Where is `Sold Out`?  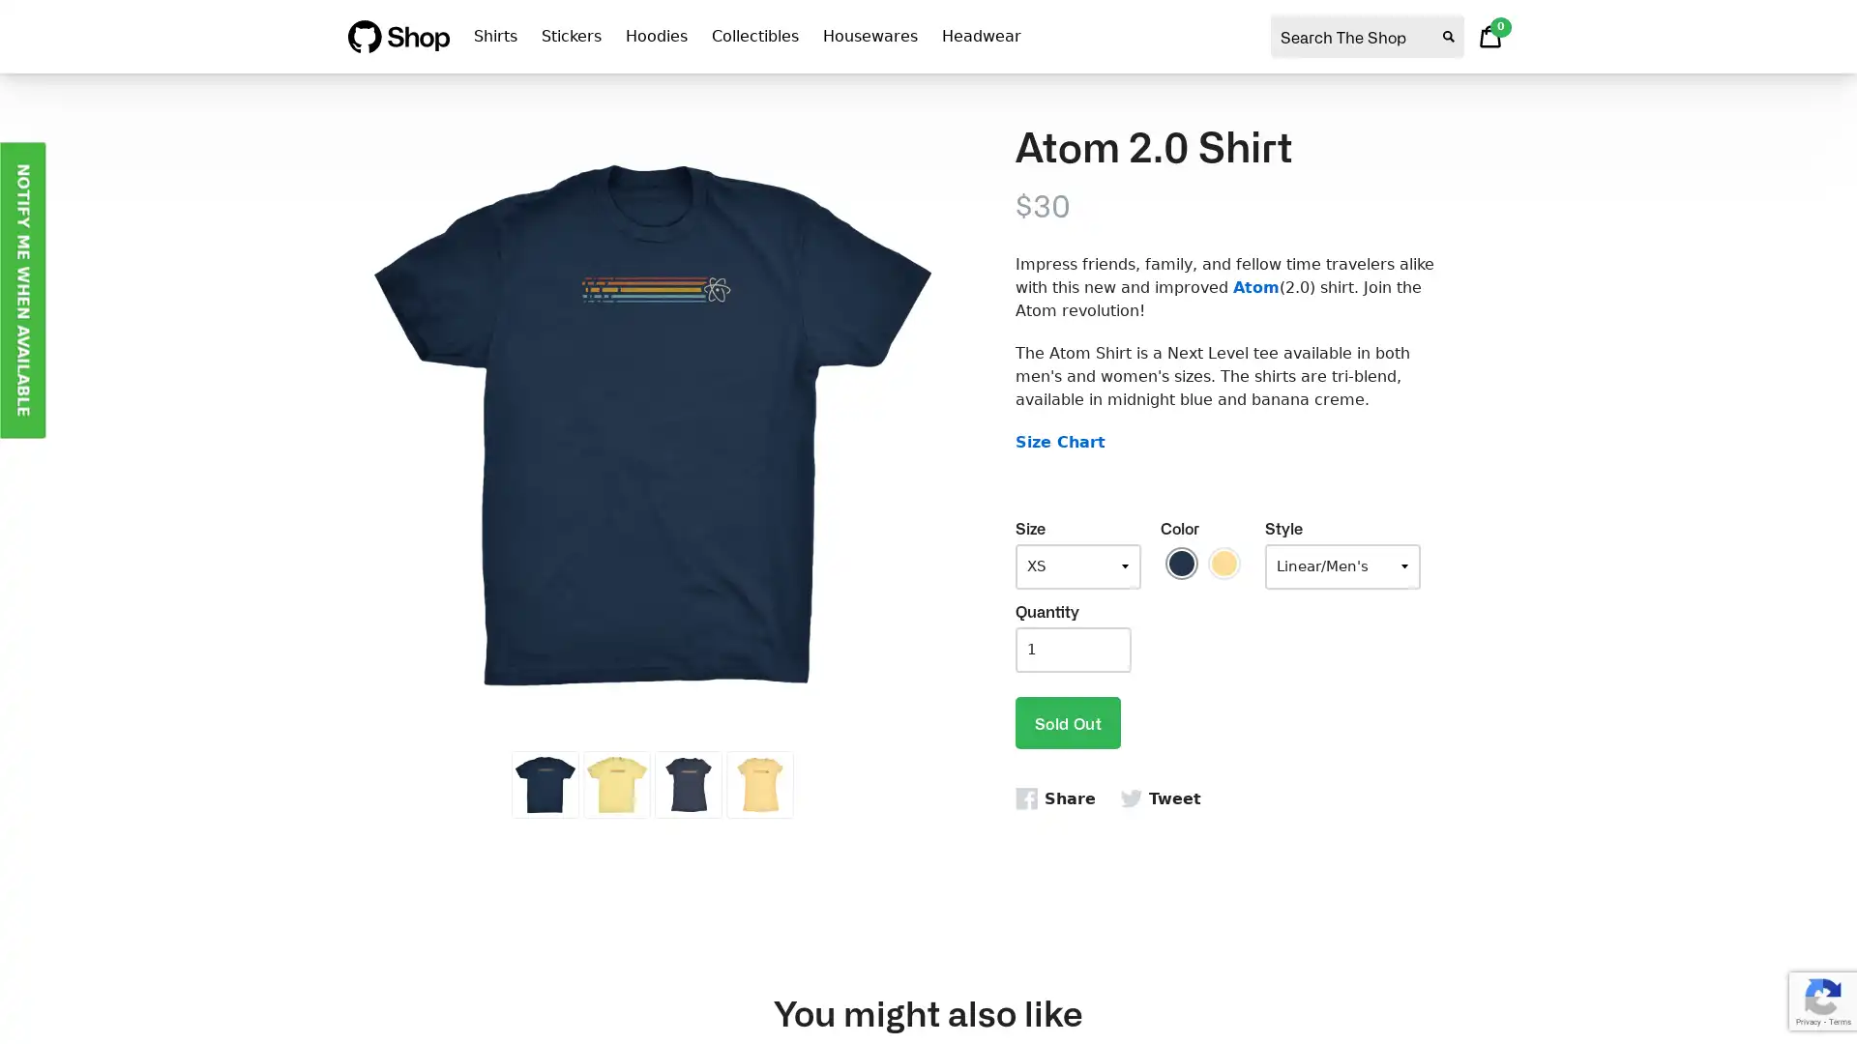
Sold Out is located at coordinates (1067, 722).